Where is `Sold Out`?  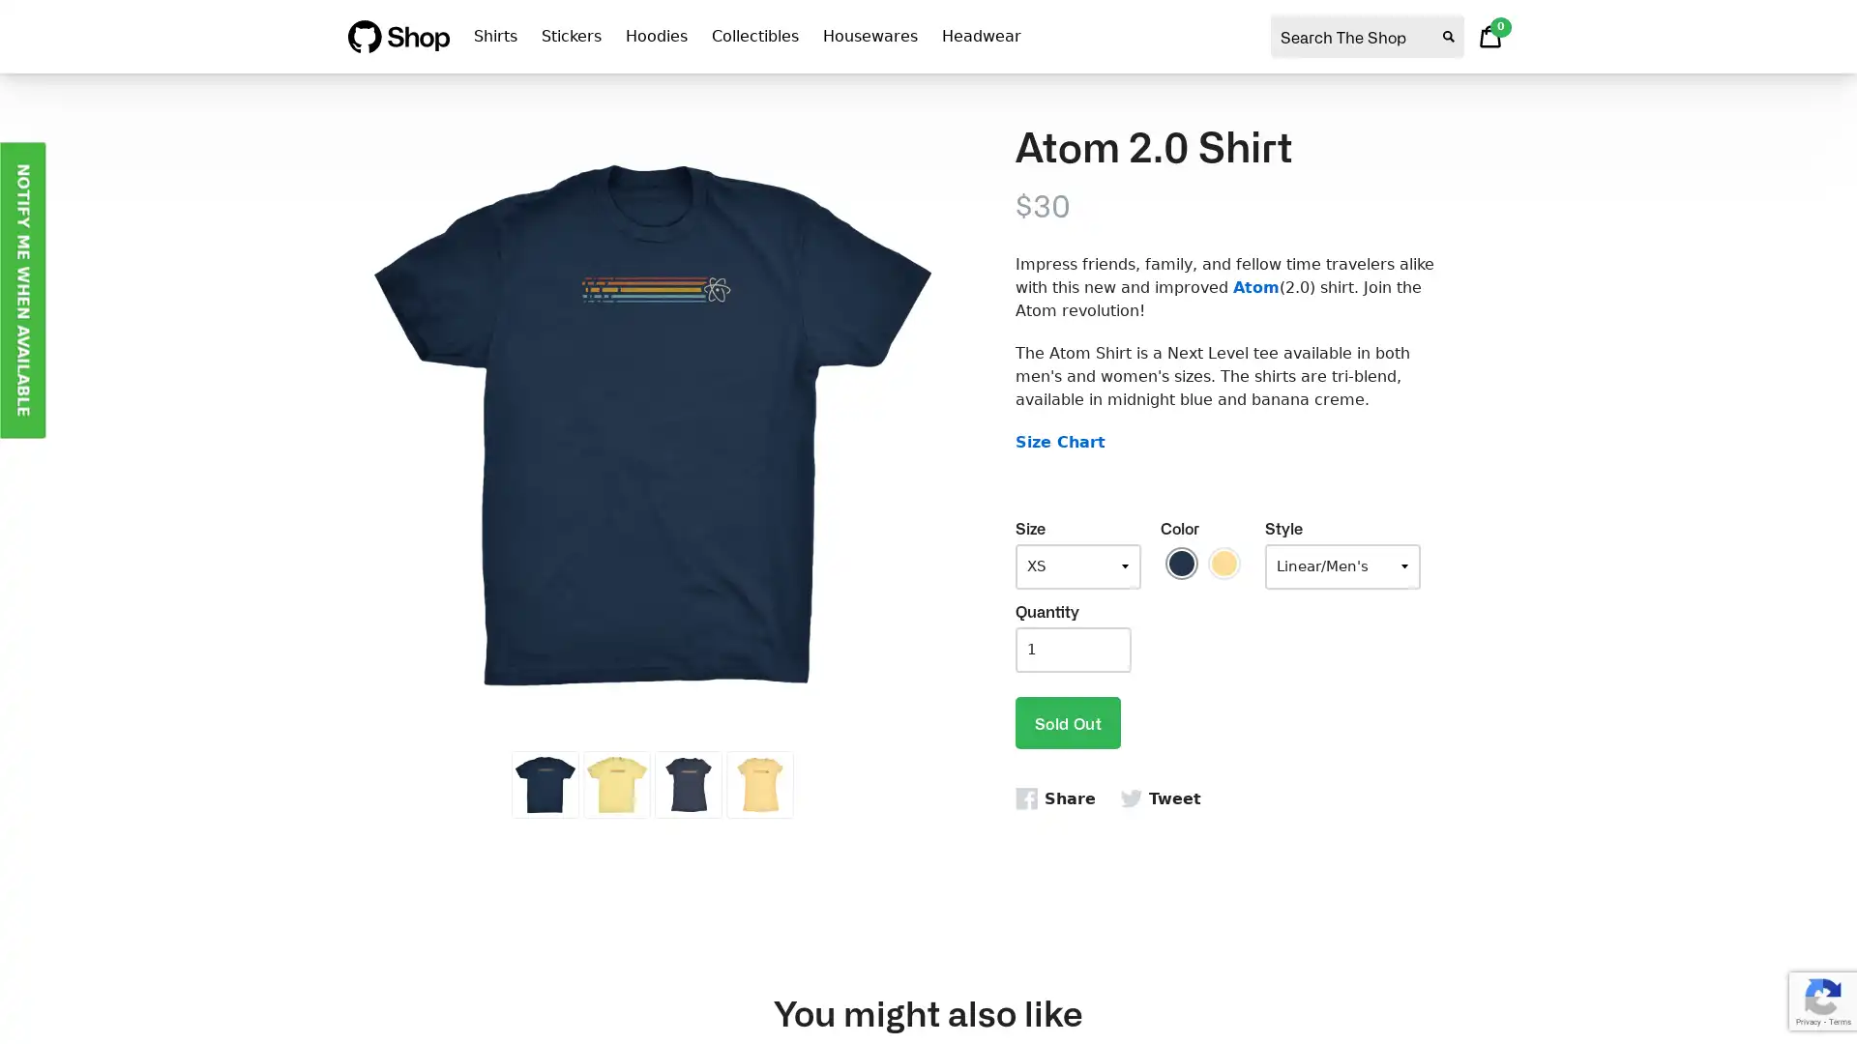
Sold Out is located at coordinates (1067, 722).